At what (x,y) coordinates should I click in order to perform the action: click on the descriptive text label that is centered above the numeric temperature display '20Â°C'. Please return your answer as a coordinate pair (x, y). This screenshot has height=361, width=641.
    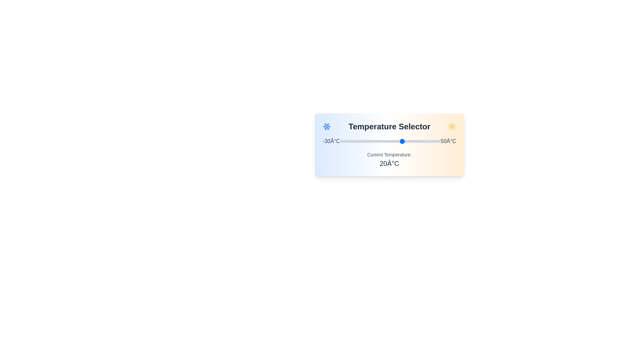
    Looking at the image, I should click on (389, 154).